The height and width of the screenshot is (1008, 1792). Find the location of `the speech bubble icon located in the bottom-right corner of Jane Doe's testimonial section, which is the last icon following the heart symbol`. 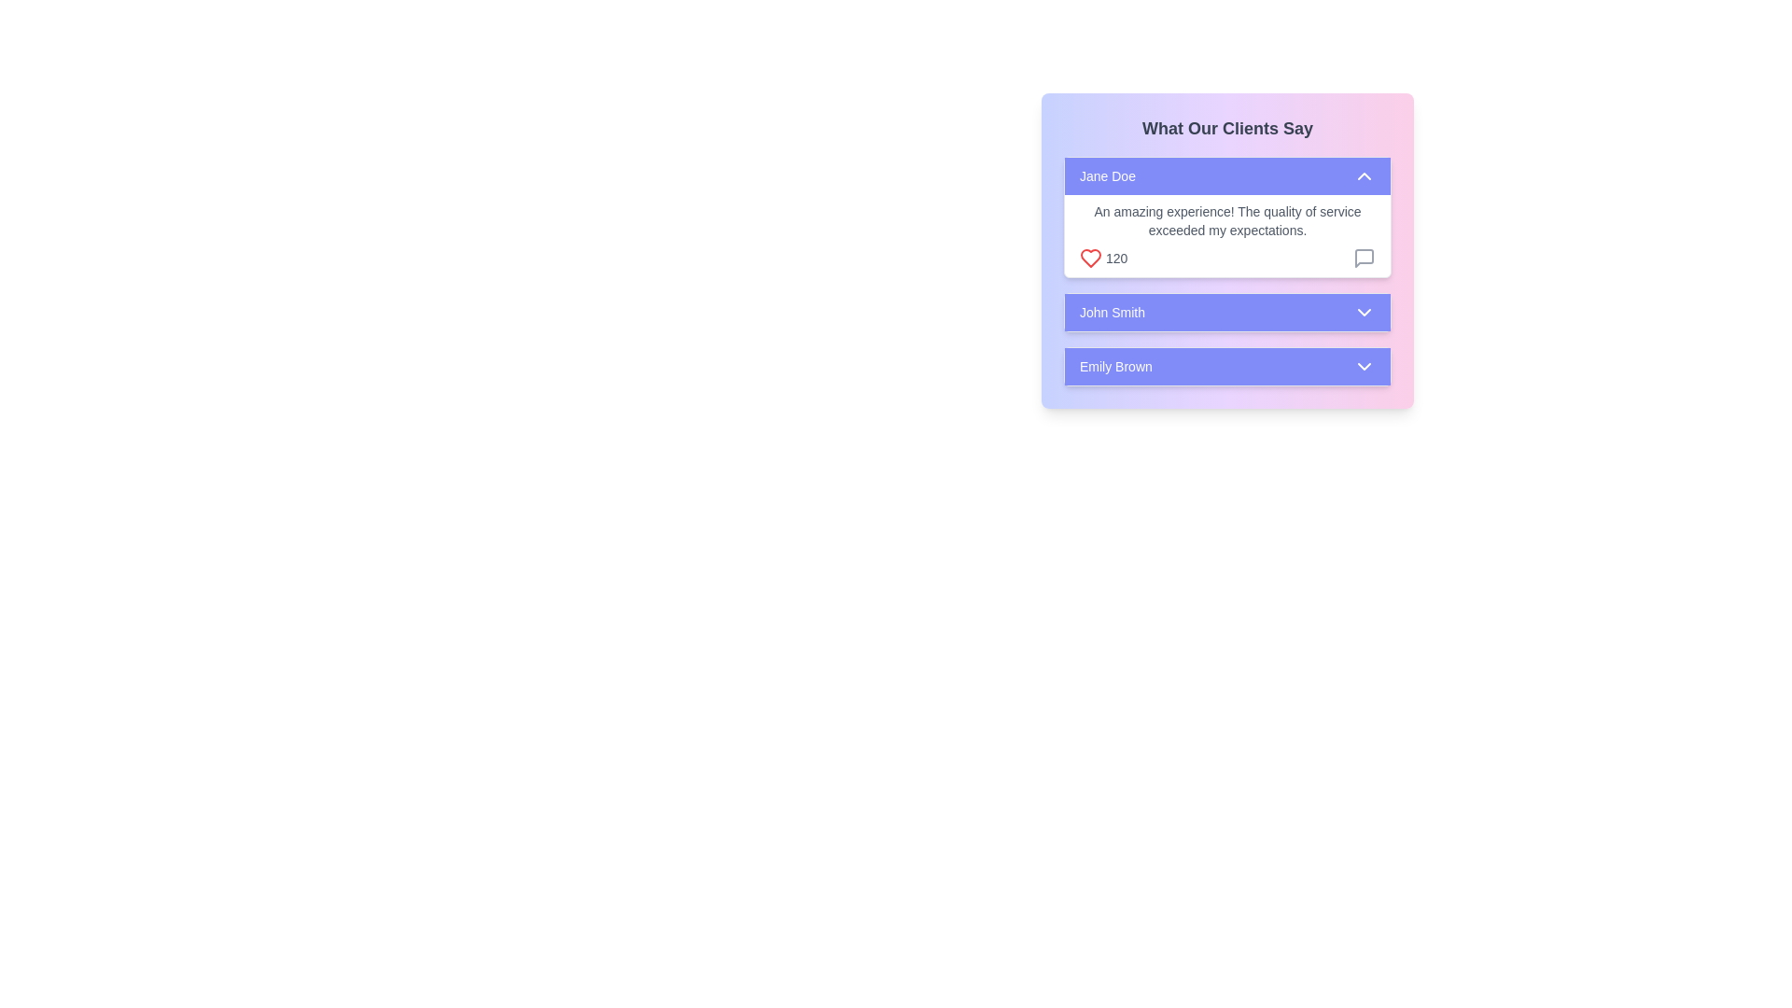

the speech bubble icon located in the bottom-right corner of Jane Doe's testimonial section, which is the last icon following the heart symbol is located at coordinates (1365, 259).